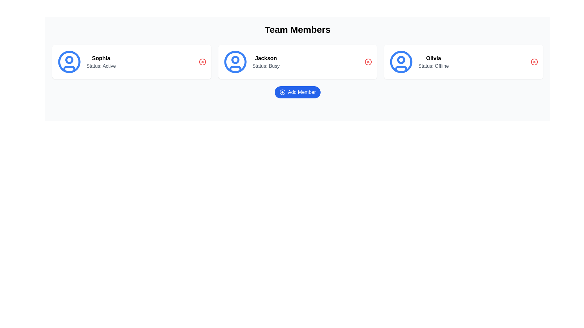 This screenshot has width=584, height=328. I want to click on the decorative vector graphic representing the avatar of user 'Jackson' in the 'Team Members' list, so click(235, 68).